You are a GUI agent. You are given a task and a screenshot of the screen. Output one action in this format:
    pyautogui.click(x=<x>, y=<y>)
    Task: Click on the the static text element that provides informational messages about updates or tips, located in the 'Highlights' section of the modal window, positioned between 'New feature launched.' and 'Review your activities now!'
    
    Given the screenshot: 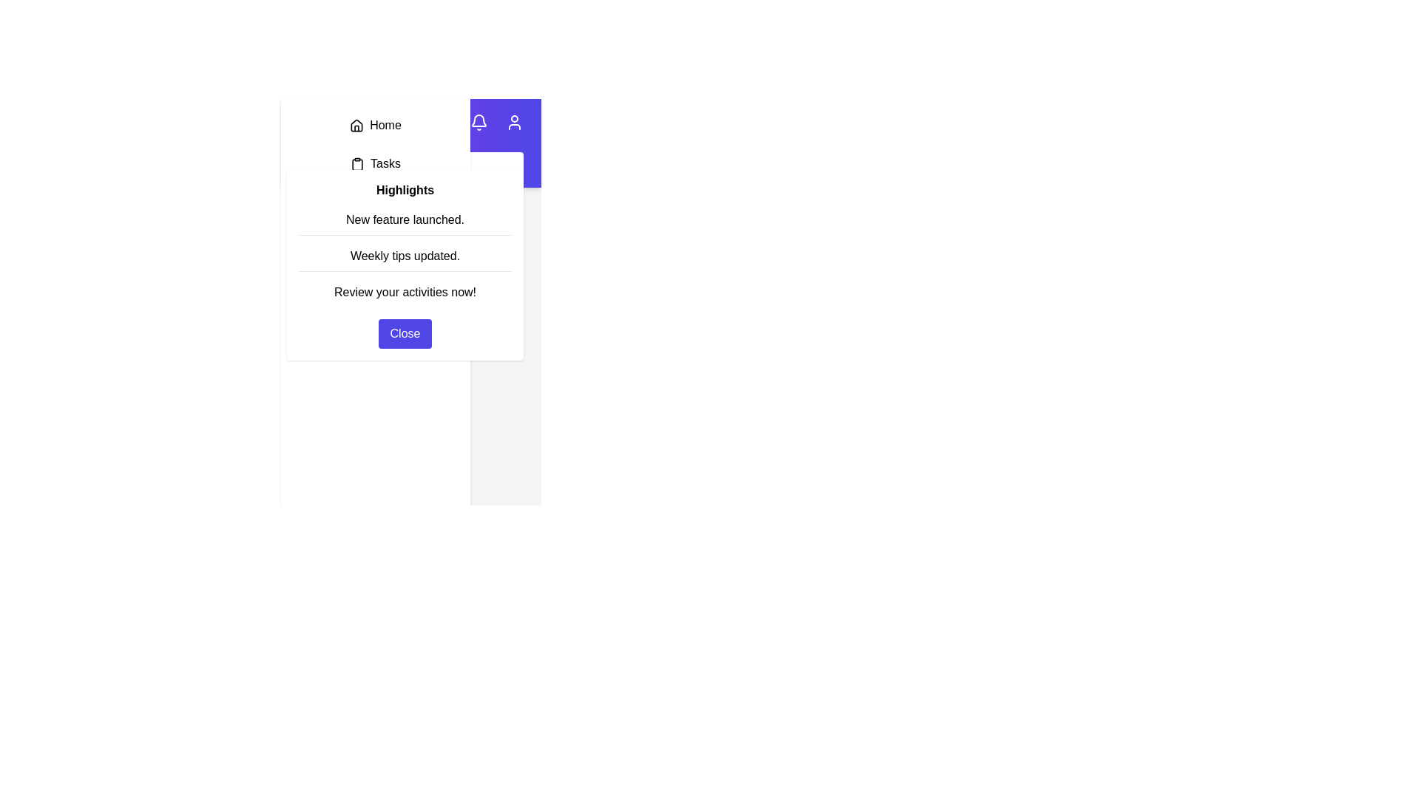 What is the action you would take?
    pyautogui.click(x=405, y=256)
    